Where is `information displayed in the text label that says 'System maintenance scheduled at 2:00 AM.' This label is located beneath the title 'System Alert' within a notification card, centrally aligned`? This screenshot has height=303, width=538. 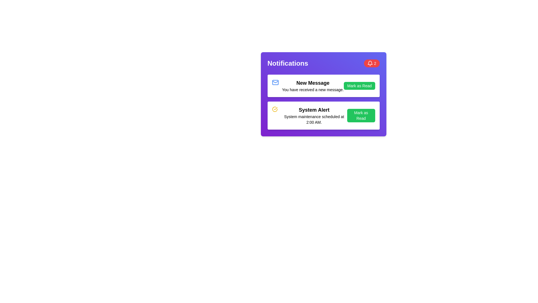
information displayed in the text label that says 'System maintenance scheduled at 2:00 AM.' This label is located beneath the title 'System Alert' within a notification card, centrally aligned is located at coordinates (314, 119).